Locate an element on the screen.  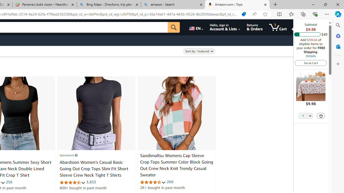
'Choose a language for shopping.' is located at coordinates (195, 27).